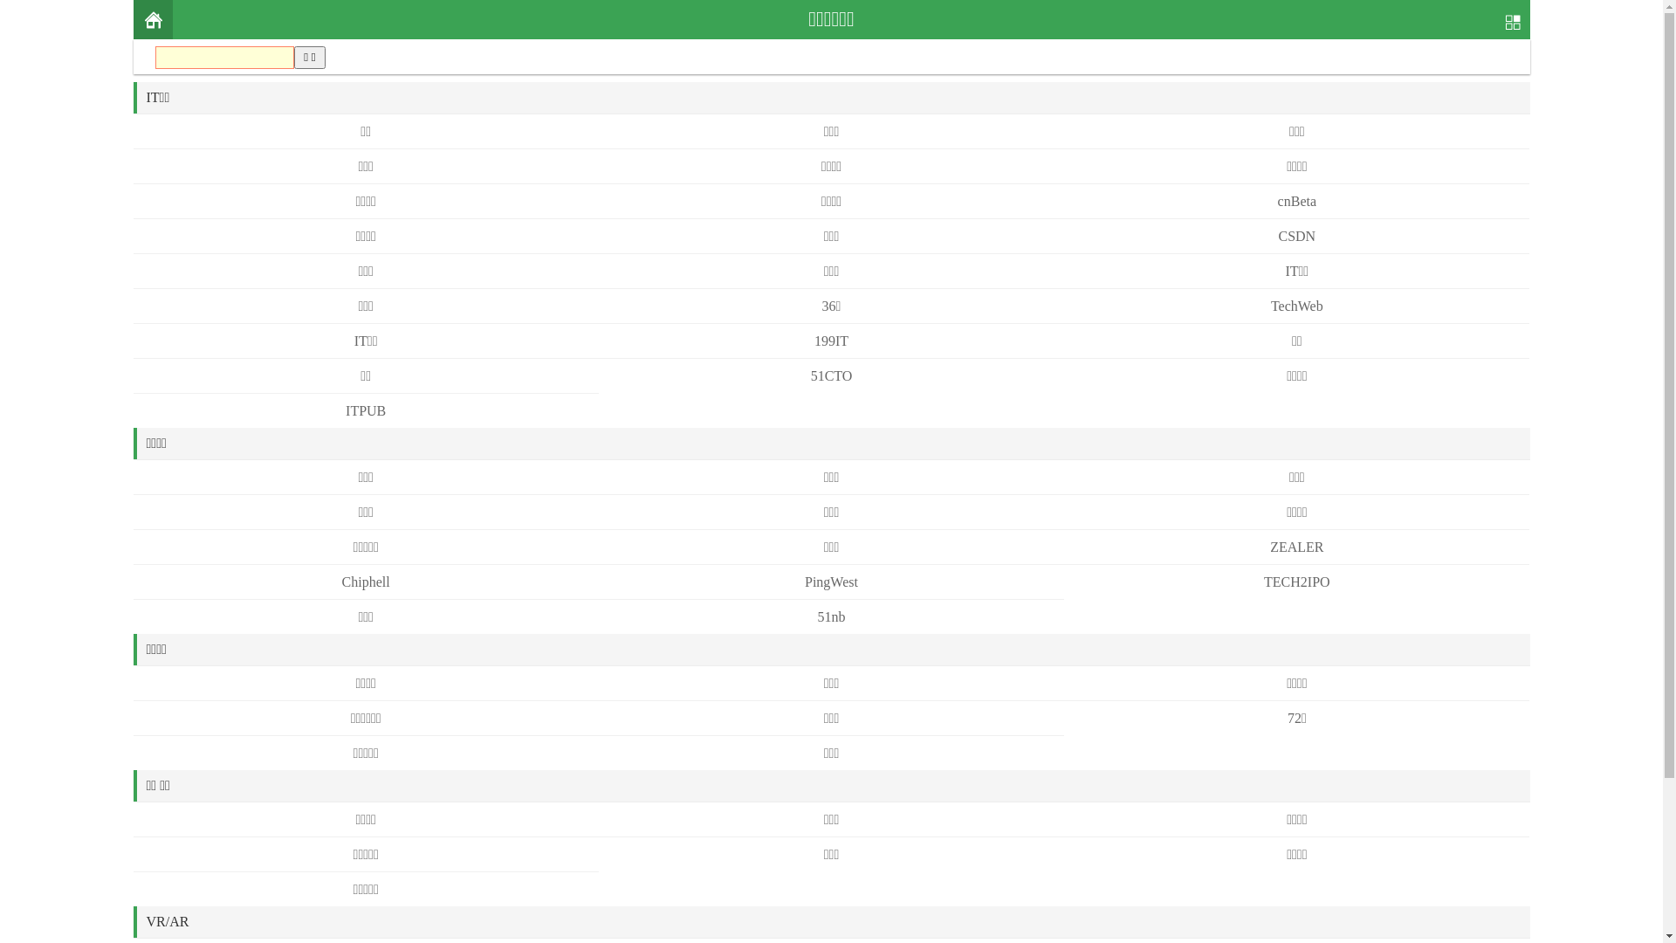 The image size is (1676, 943). What do you see at coordinates (364, 410) in the screenshot?
I see `'ITPUB'` at bounding box center [364, 410].